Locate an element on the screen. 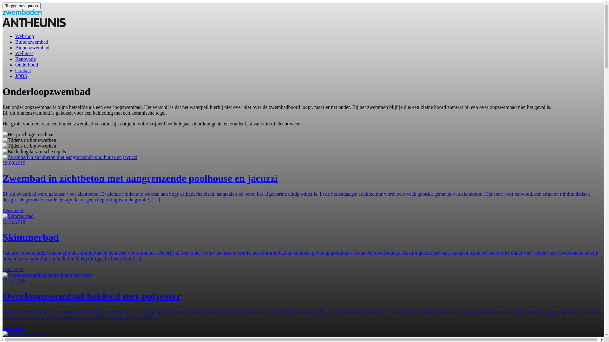 The height and width of the screenshot is (342, 609). 'Lees meer' is located at coordinates (3, 328).